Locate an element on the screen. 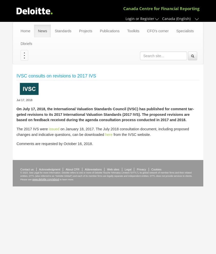  'on Jan­u­ary 18, 2017. The July 2018 con­sul­ta­tion doc­u­ment, in­clud­ing pro­posed changes and in­dica­tive ques­tions, can be down­loaded' is located at coordinates (103, 132).